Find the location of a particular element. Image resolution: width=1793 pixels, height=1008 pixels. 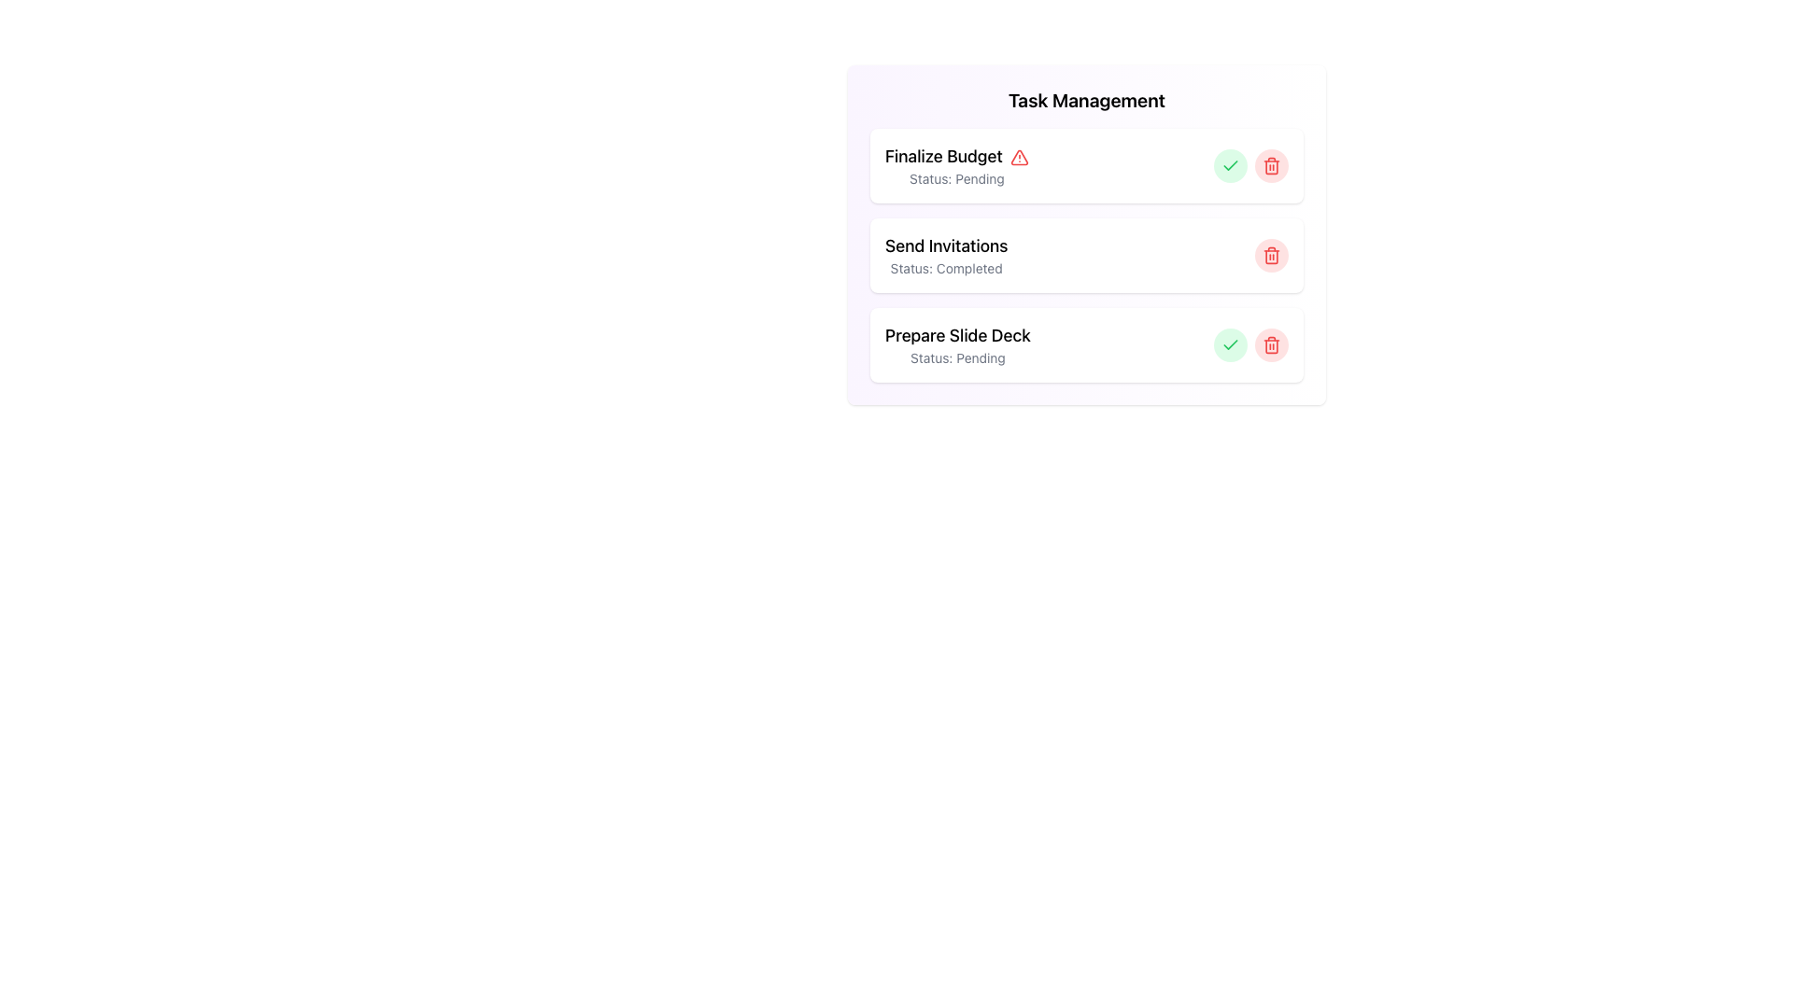

the circular button with a light green background and a green checkmark icon in its center to confirm or approve is located at coordinates (1231, 164).